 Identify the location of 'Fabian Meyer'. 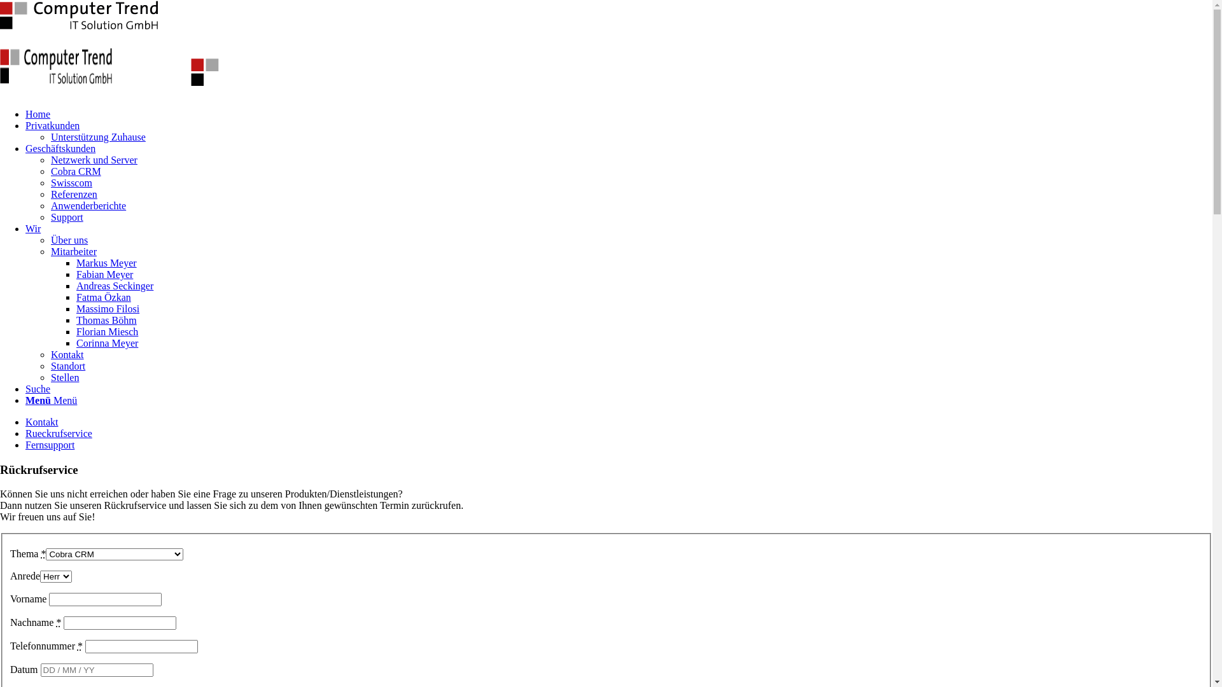
(76, 274).